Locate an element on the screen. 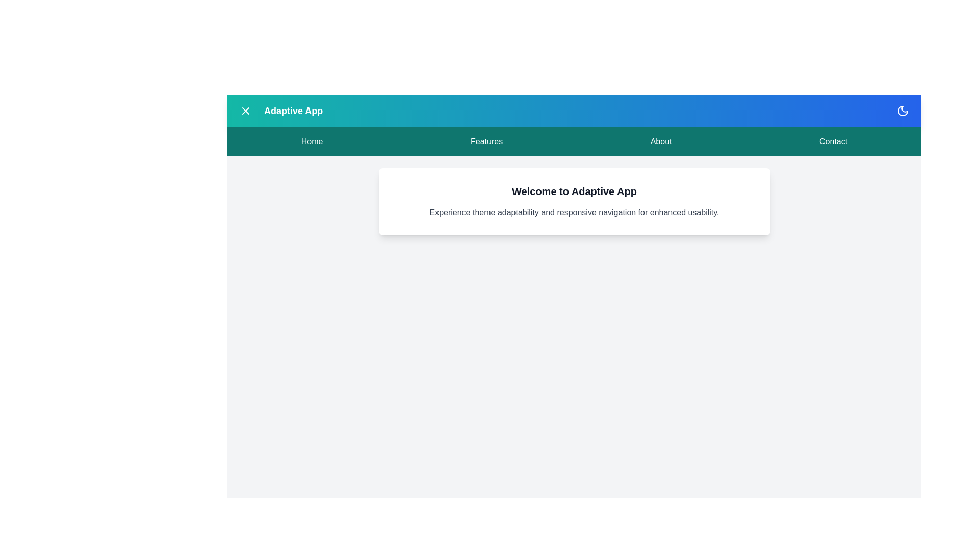  theme toggle button located on the right side of the header is located at coordinates (903, 111).